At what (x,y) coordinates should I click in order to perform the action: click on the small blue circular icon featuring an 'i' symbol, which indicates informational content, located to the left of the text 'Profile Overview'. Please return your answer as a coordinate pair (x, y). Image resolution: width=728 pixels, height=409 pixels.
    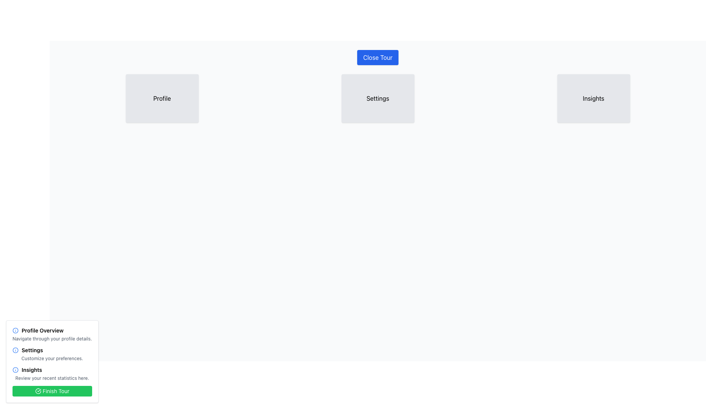
    Looking at the image, I should click on (16, 330).